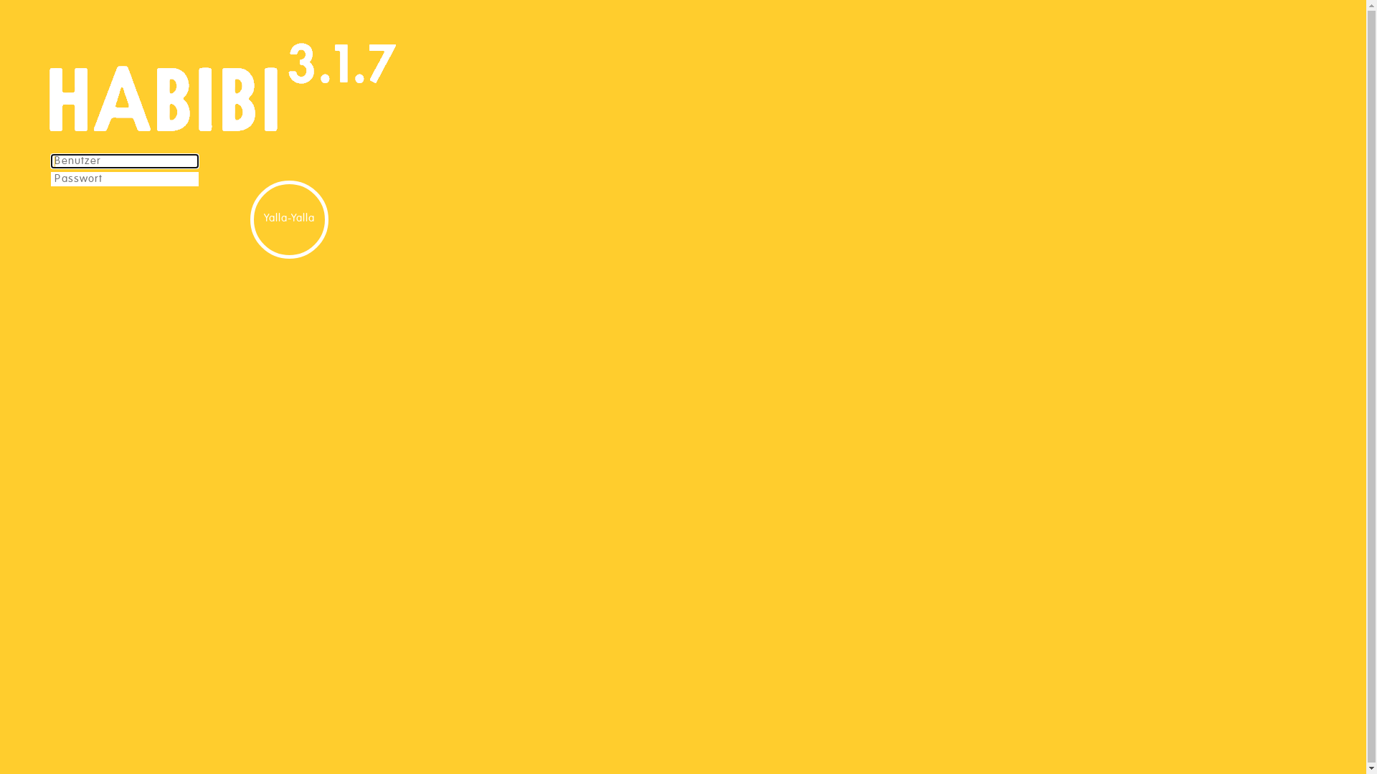 This screenshot has height=774, width=1377. Describe the element at coordinates (341, 85) in the screenshot. I see `'Habibi'` at that location.